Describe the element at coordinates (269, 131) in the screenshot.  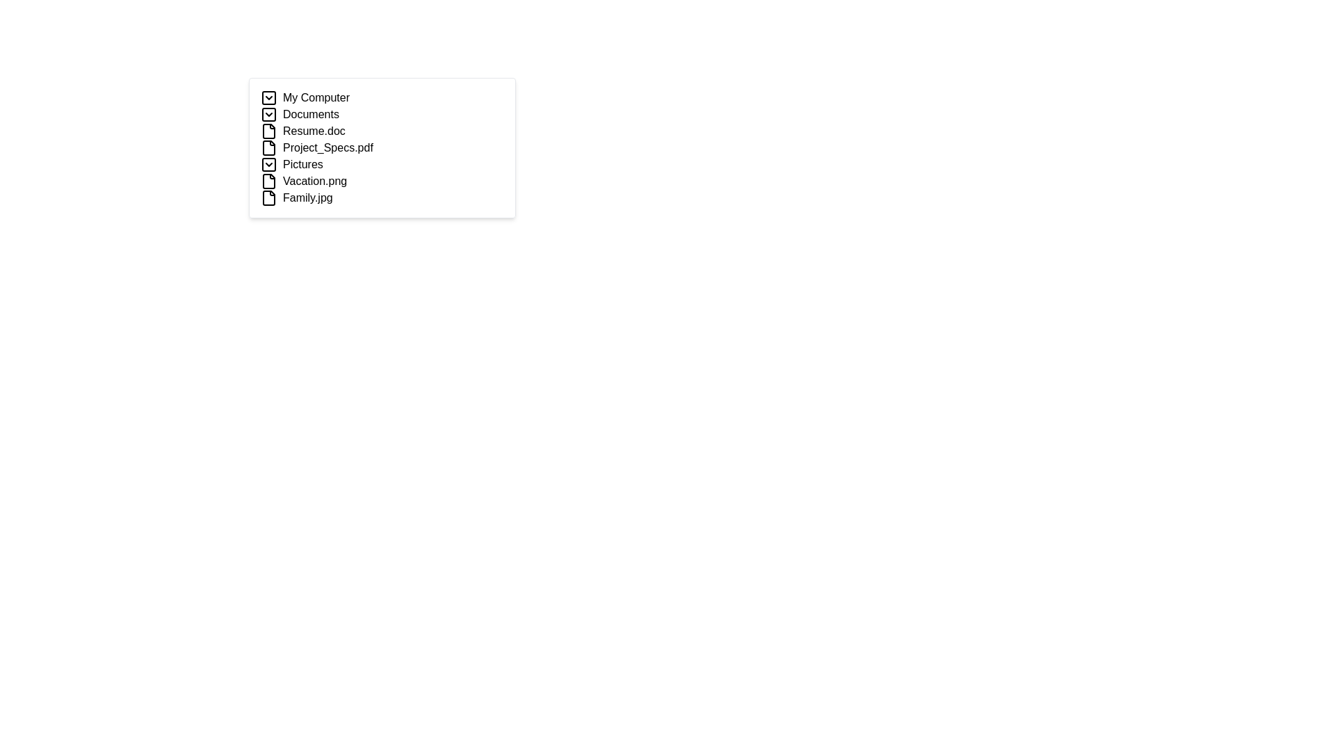
I see `the document icon representing 'Resume.doc', which is the third icon` at that location.